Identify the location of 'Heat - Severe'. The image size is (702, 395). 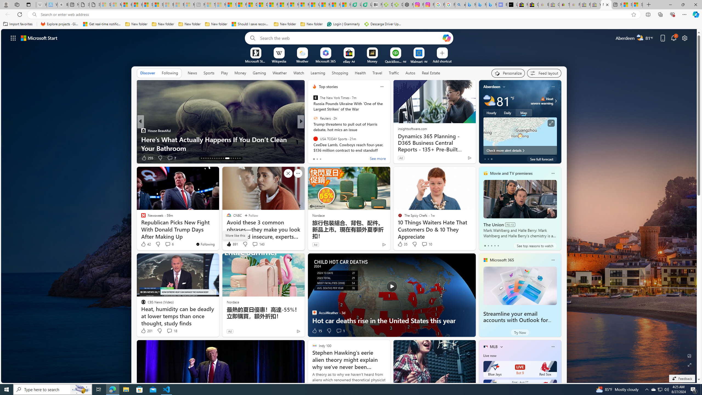
(543, 99).